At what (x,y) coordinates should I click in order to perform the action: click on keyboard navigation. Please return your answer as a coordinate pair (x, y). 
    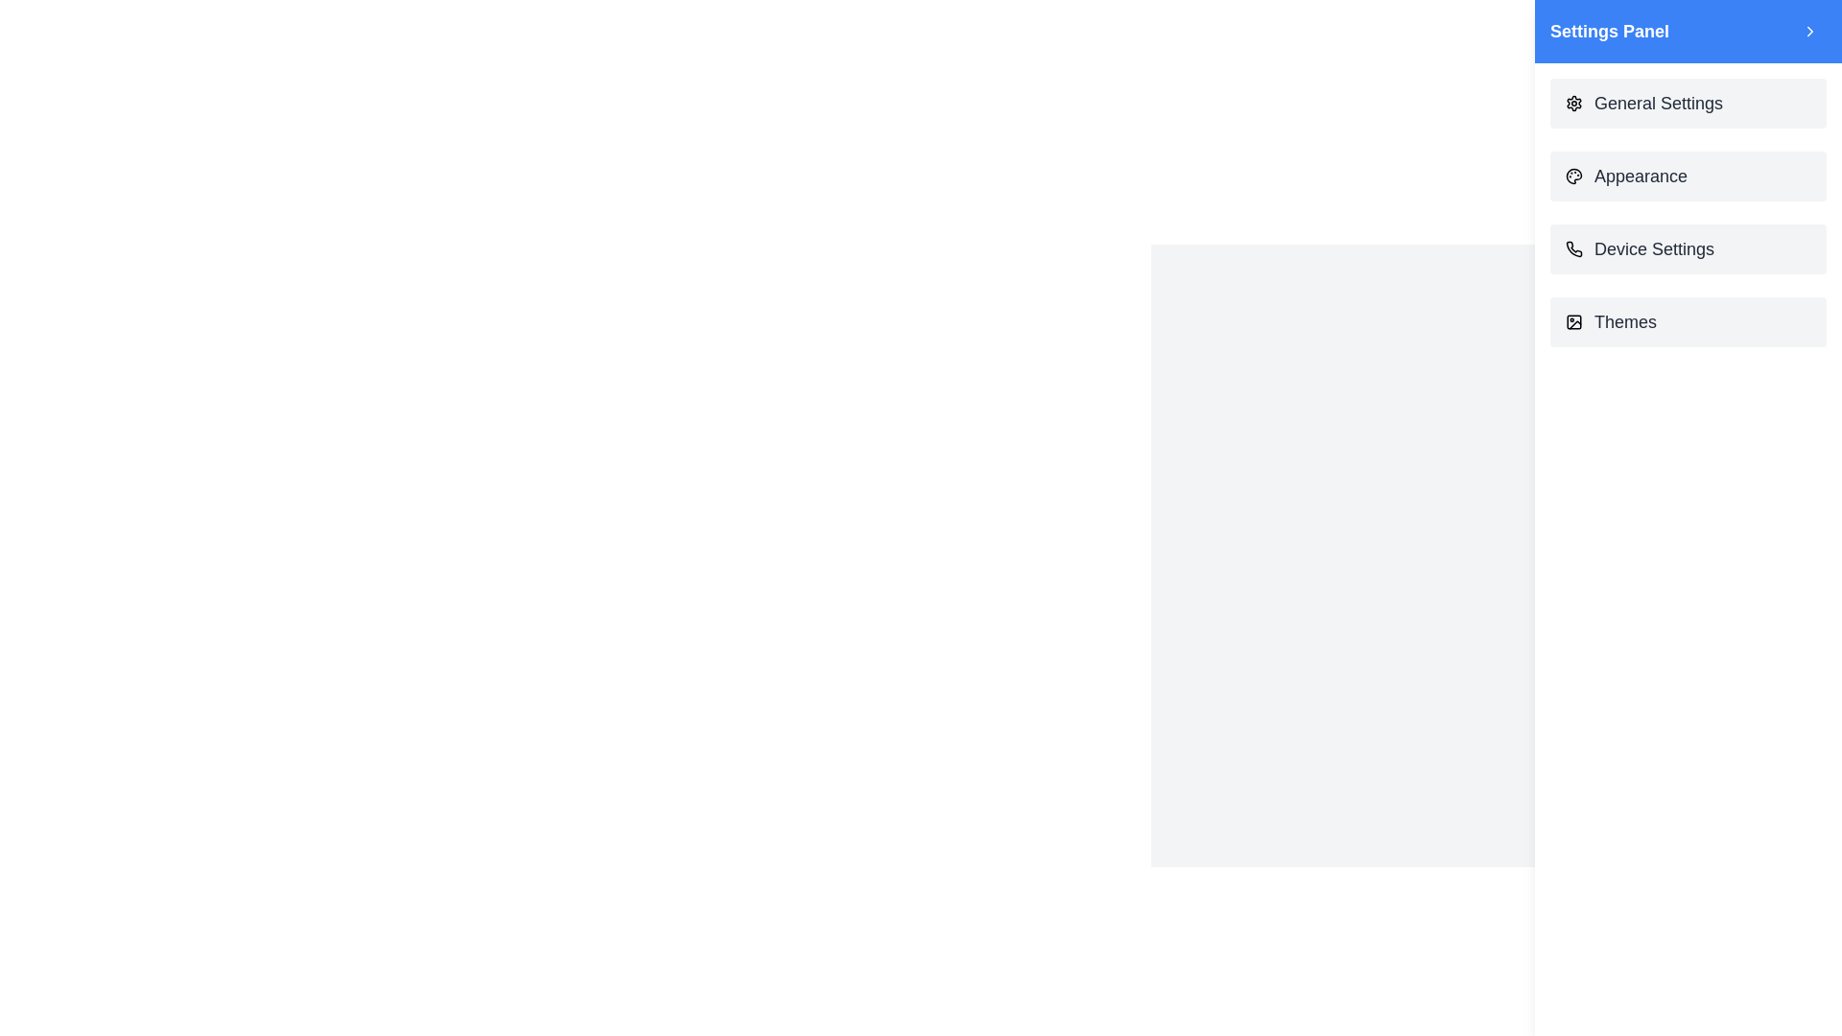
    Looking at the image, I should click on (1688, 320).